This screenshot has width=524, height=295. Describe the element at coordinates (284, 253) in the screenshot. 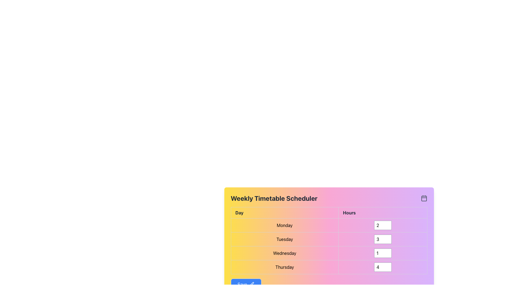

I see `the text label component indicating 'Wednesday' in the third row of the 'Day' column within the weekly timetable scheduler` at that location.